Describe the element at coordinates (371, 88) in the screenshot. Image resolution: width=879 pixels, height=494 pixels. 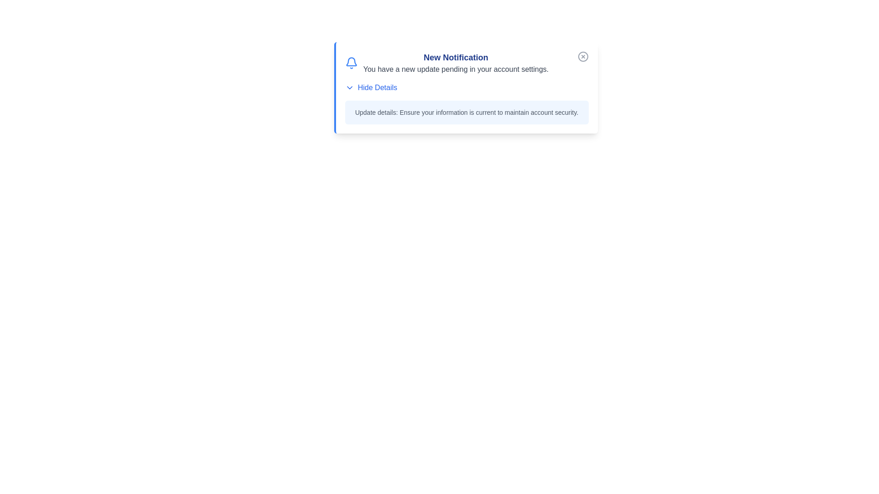
I see `the Hyperlink-like interactive text with an icon within the notification card` at that location.